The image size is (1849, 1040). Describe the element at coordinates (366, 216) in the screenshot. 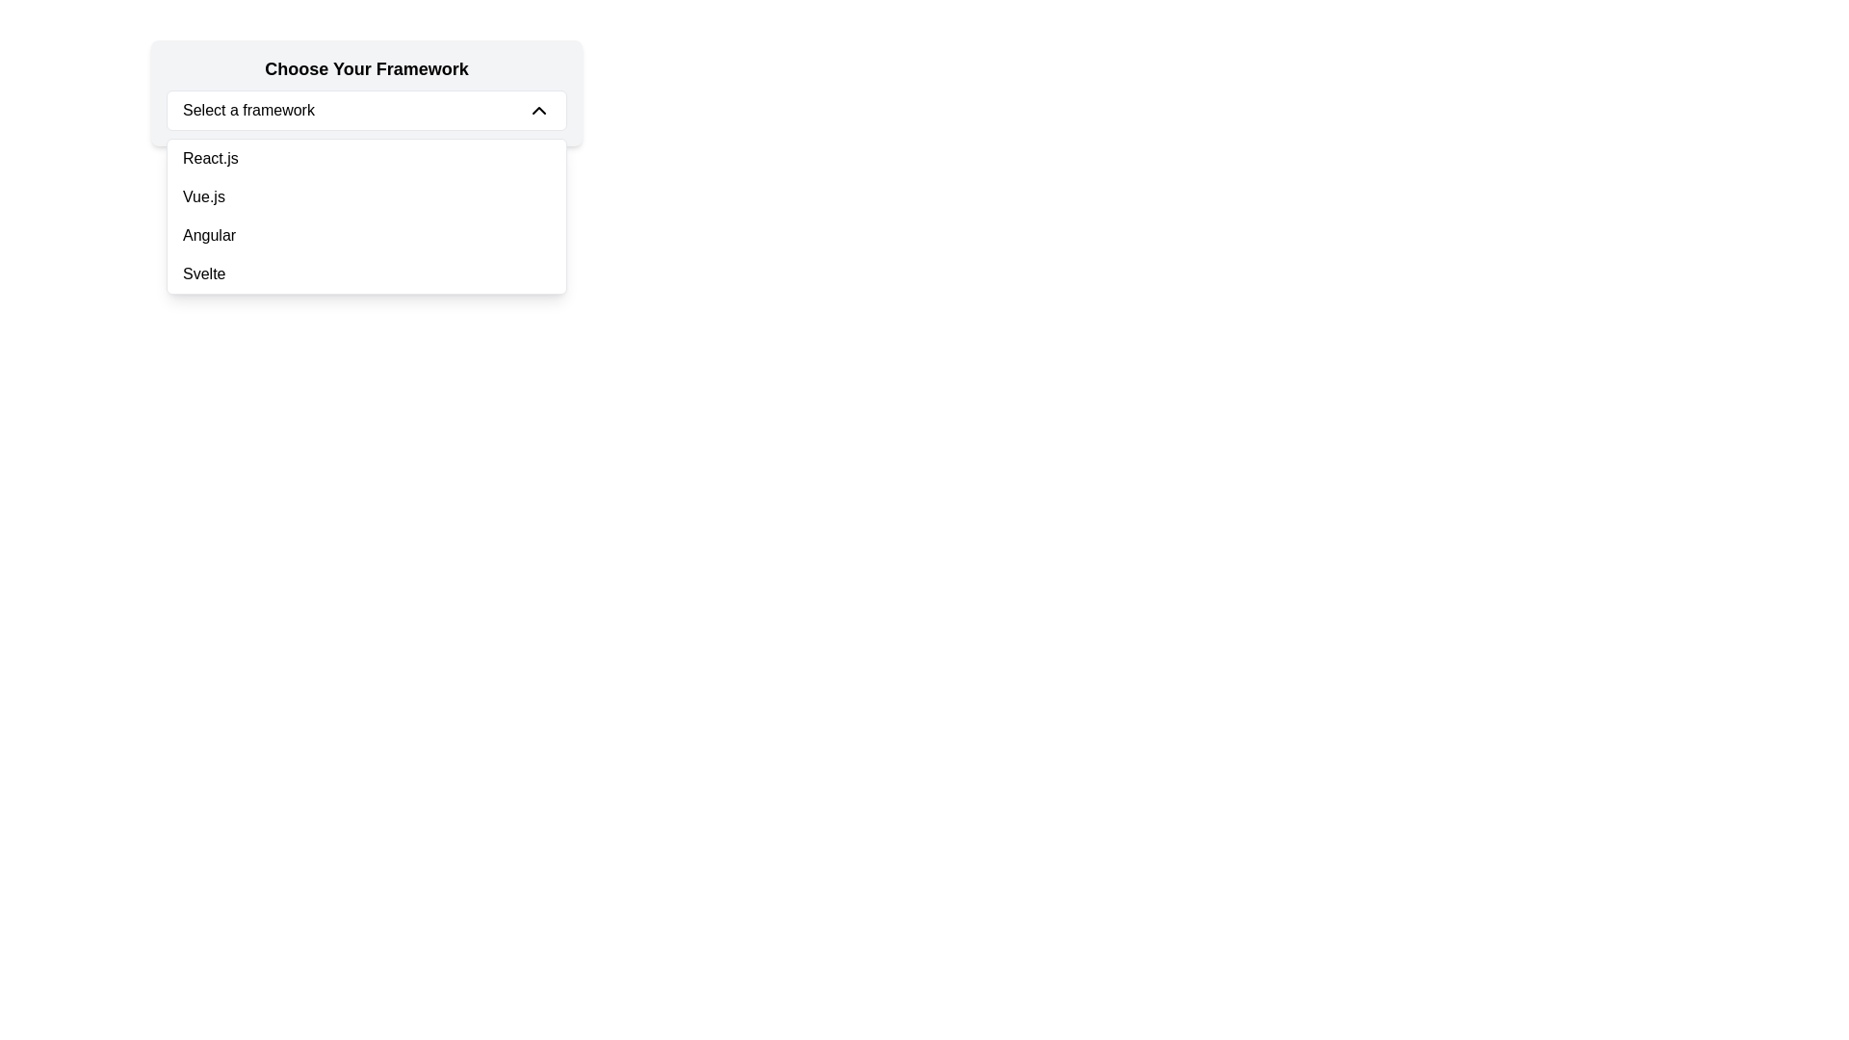

I see `the 'Vue.js' item in the dropdown menu` at that location.